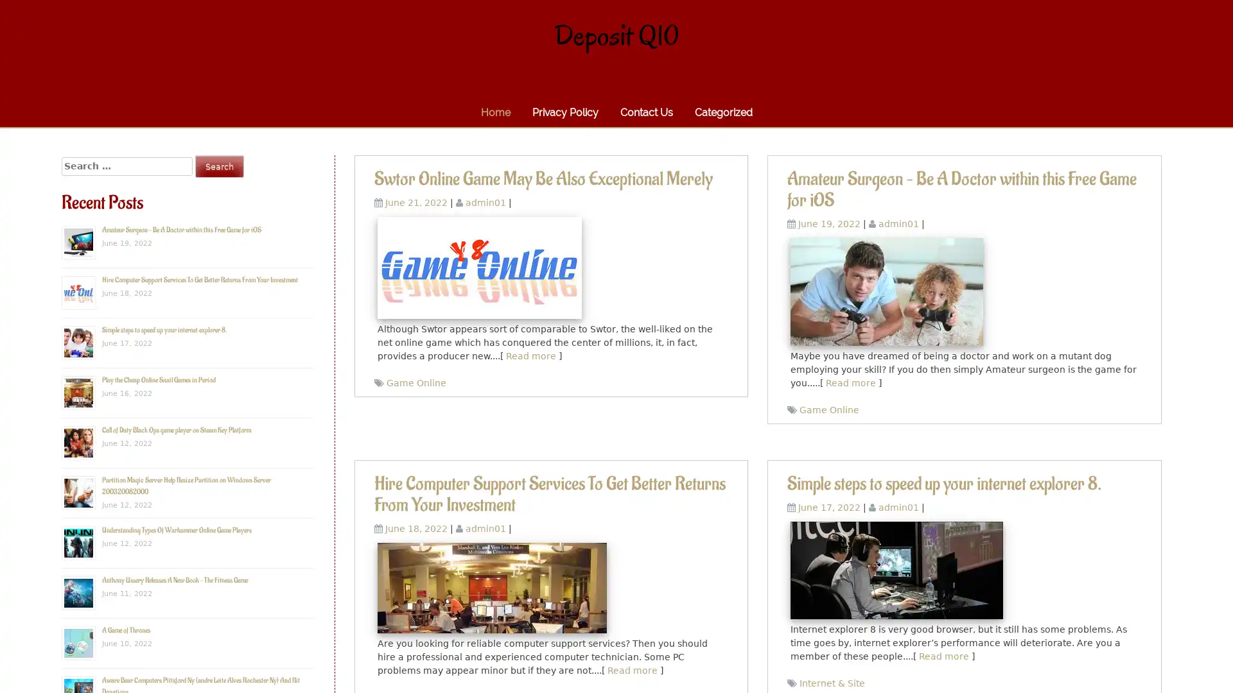 This screenshot has height=693, width=1233. What do you see at coordinates (219, 166) in the screenshot?
I see `Search` at bounding box center [219, 166].